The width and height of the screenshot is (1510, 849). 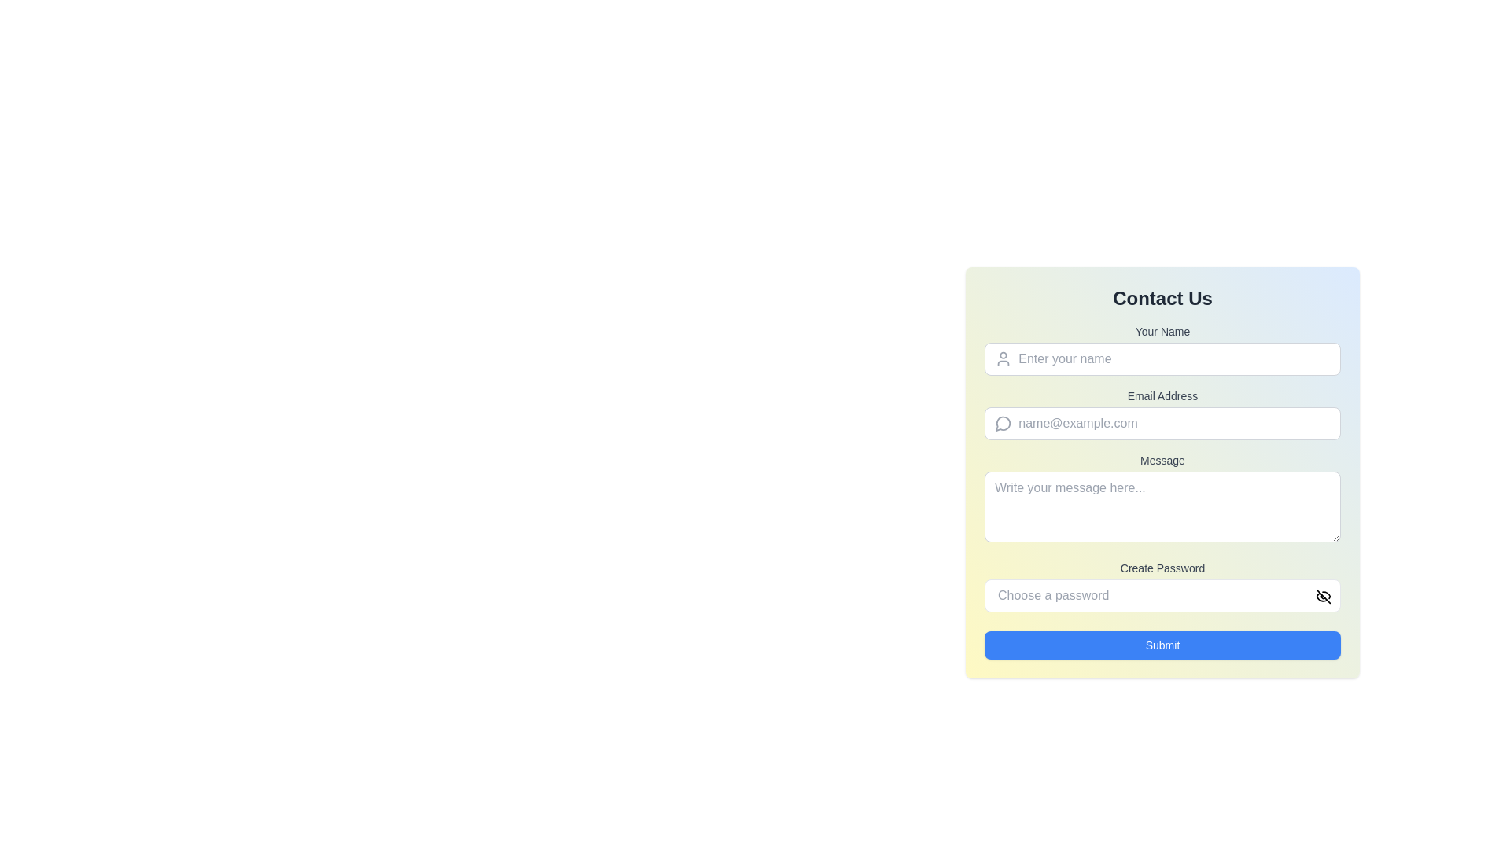 I want to click on the small red diagonal crossing line that indicates the 'not visible' symbol within the eye icon, so click(x=1323, y=597).